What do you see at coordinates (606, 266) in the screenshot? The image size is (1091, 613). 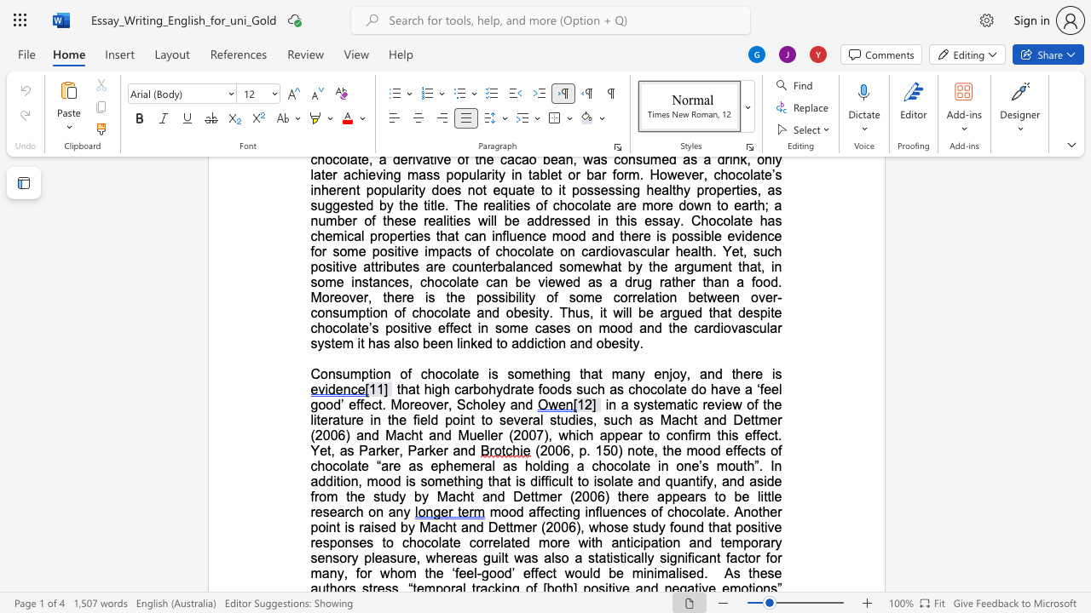 I see `the 1th character "h" in the text` at bounding box center [606, 266].